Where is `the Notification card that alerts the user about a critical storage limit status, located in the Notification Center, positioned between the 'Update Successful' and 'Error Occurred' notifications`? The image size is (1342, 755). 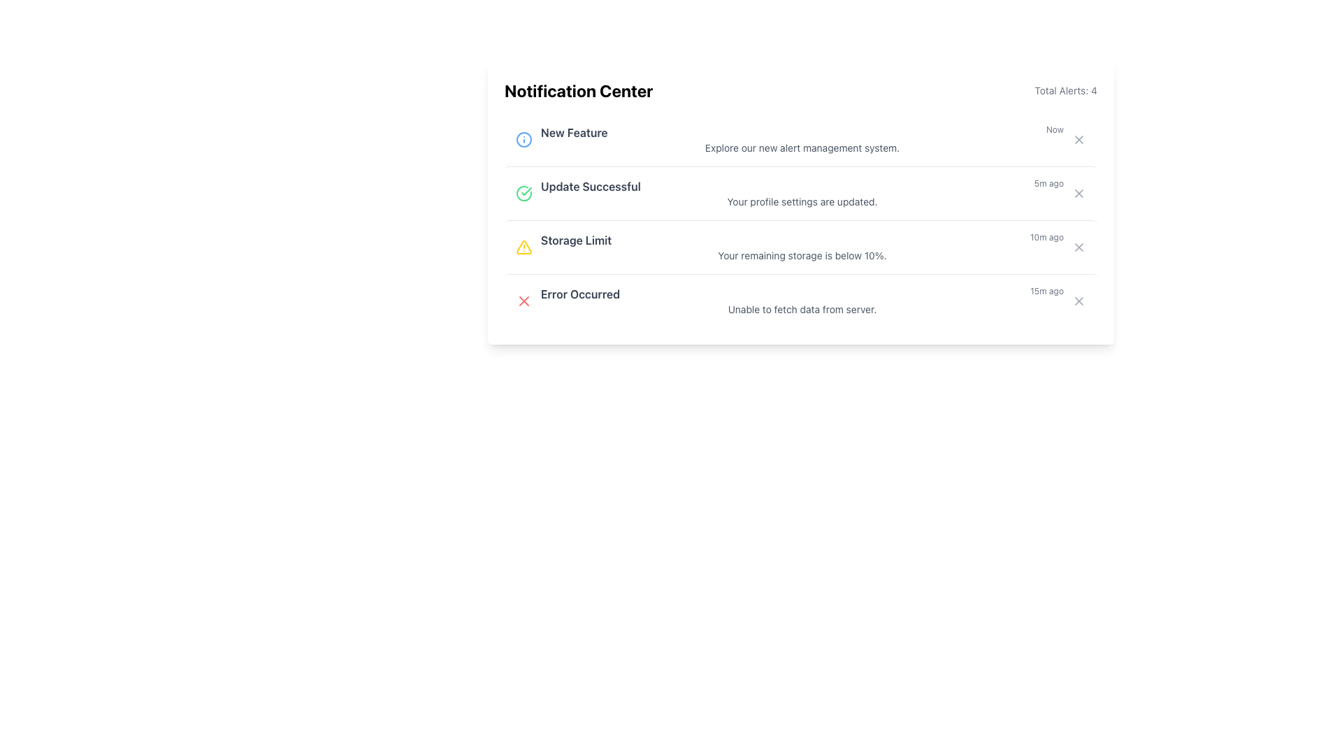 the Notification card that alerts the user about a critical storage limit status, located in the Notification Center, positioned between the 'Update Successful' and 'Error Occurred' notifications is located at coordinates (801, 246).